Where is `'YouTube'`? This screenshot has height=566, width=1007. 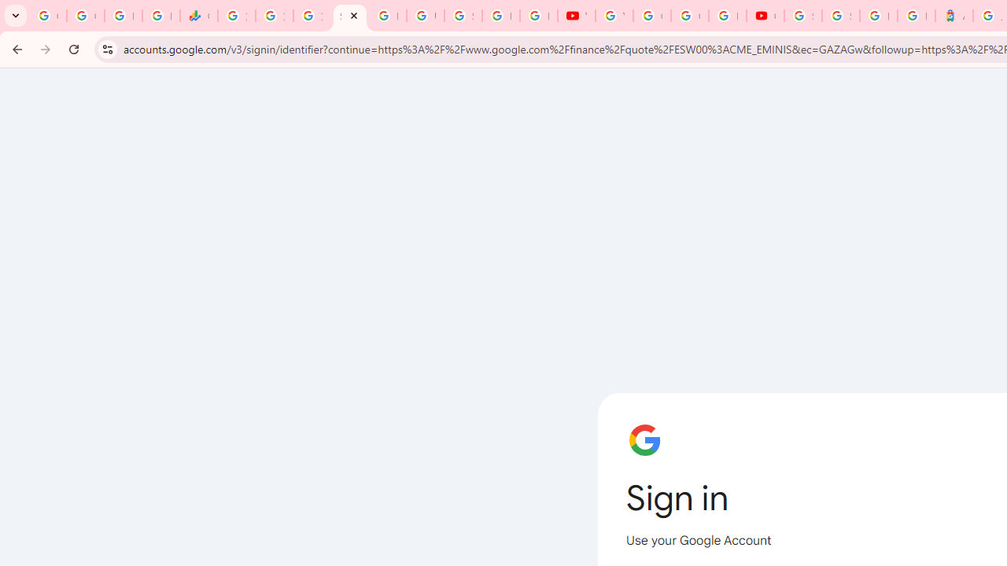
'YouTube' is located at coordinates (575, 16).